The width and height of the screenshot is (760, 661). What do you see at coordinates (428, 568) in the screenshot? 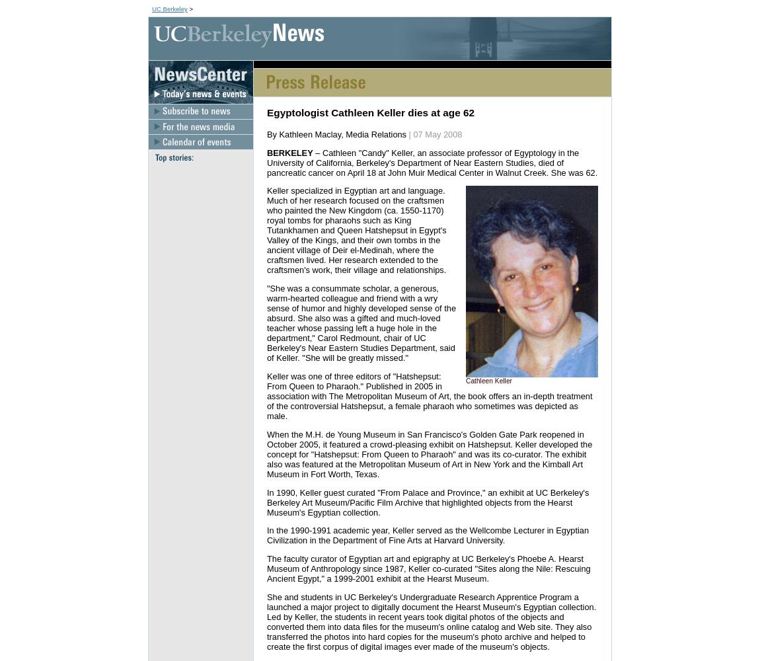
I see `'The faculty curator of Egyptian art and epigraphy at UC Berkeley's Phoebe A. Hearst Museum of Anthropology since 1987, Keller co-curated "Sites along the Nile: Rescuing Ancient Egypt," a 1999-2001 exhibit at the Hearst Museum.'` at bounding box center [428, 568].